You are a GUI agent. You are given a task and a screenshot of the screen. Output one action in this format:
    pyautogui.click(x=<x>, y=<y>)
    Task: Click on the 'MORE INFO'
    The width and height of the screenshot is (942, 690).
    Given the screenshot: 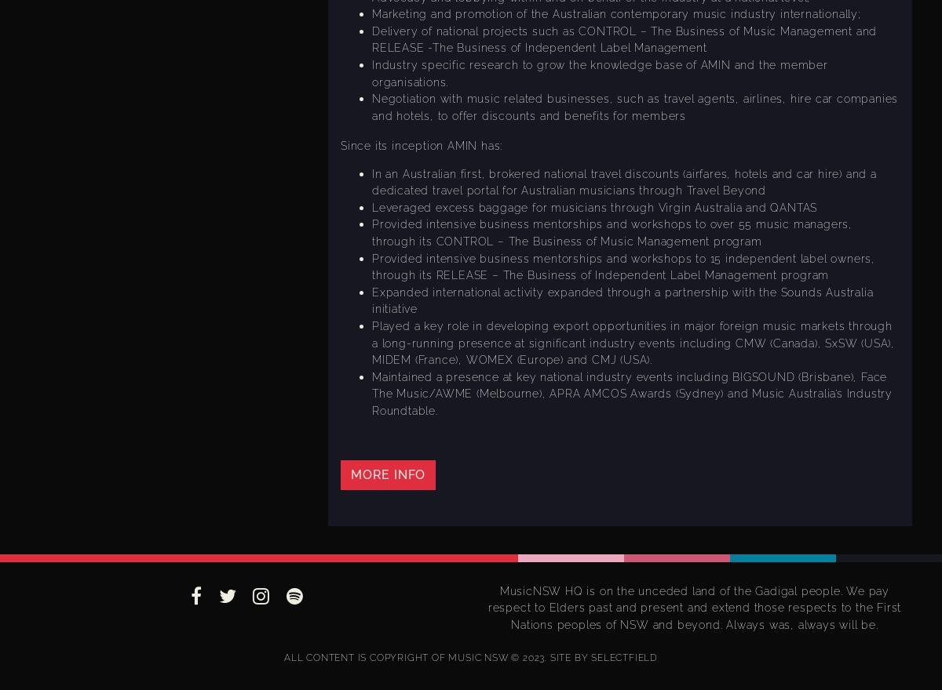 What is the action you would take?
    pyautogui.click(x=387, y=473)
    